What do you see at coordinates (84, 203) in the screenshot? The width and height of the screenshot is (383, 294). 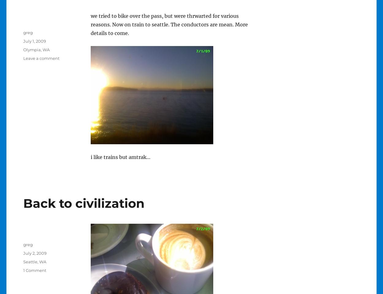 I see `'Back to civilization'` at bounding box center [84, 203].